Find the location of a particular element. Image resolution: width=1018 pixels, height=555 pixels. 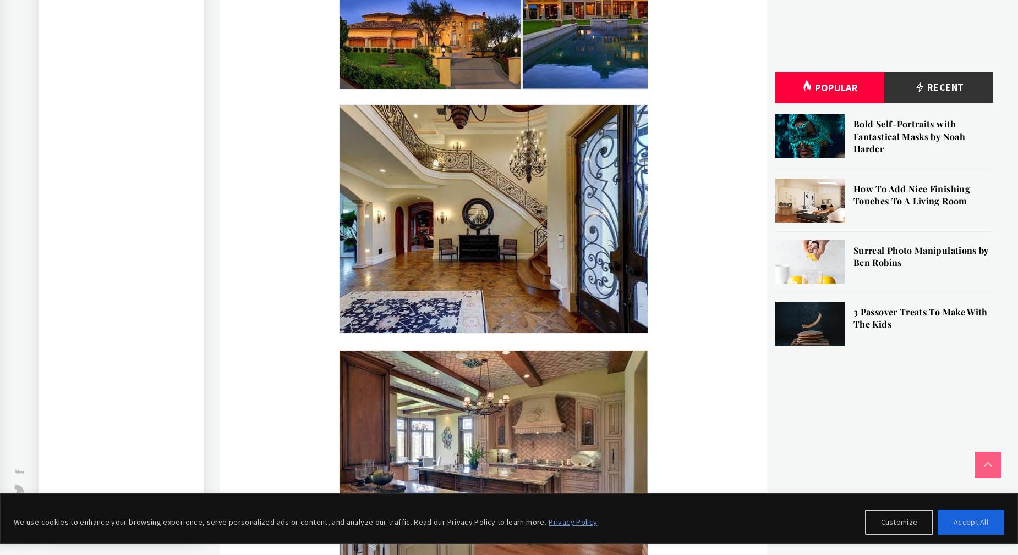

'Bold Self-Portraits with Fantastical Masks by Noah Harder' is located at coordinates (908, 135).